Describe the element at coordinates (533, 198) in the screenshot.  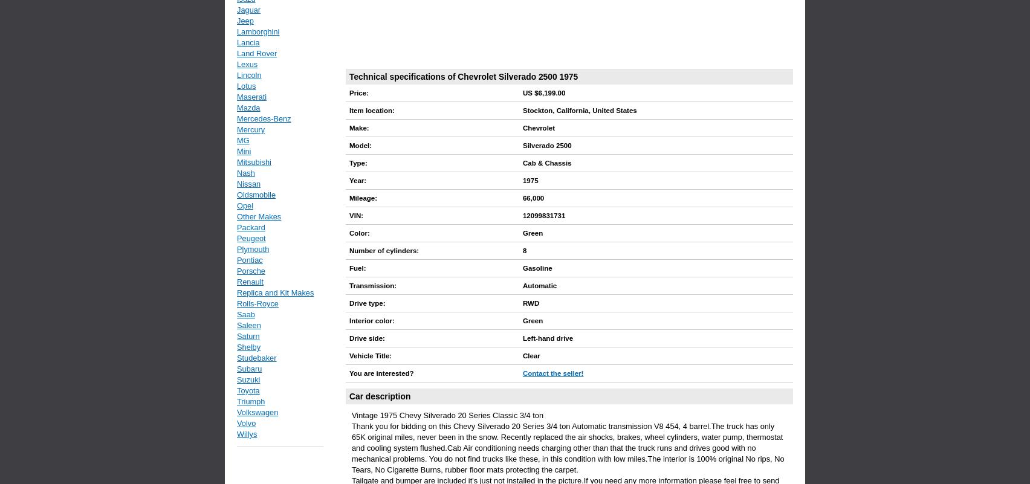
I see `'66,000'` at that location.